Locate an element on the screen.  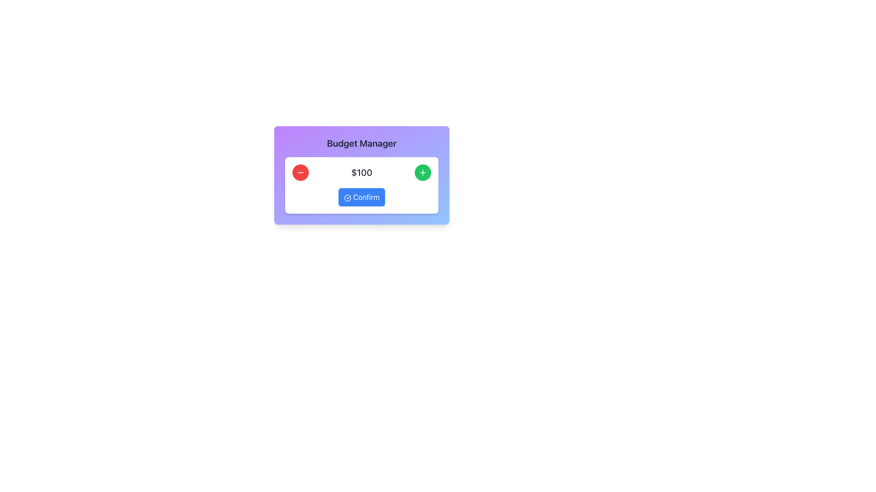
the central icon within the left-aligned red button under the label 'Budget Manager' is located at coordinates (300, 172).